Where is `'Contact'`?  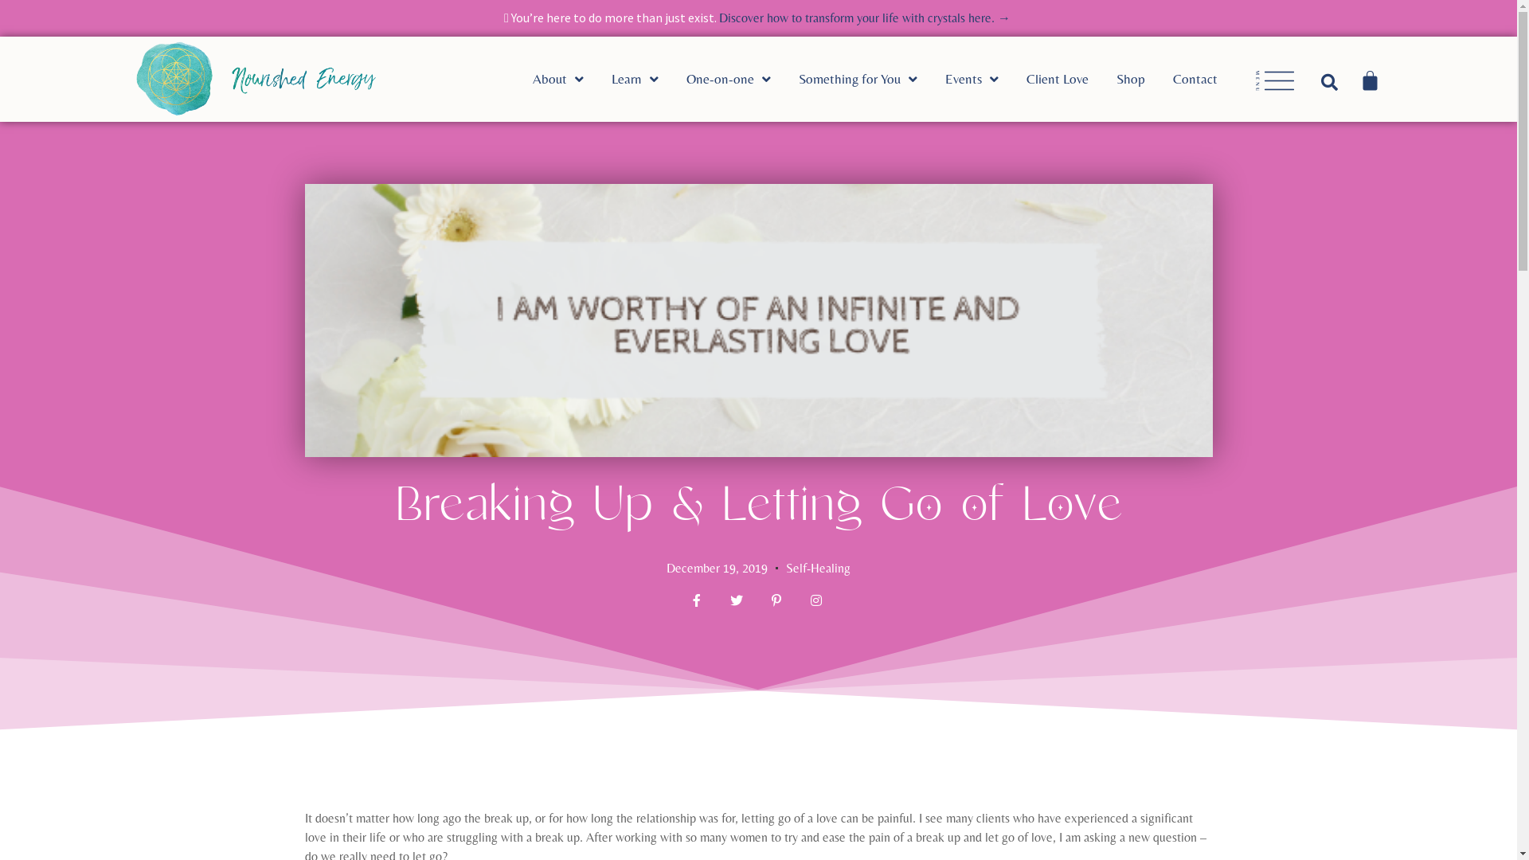 'Contact' is located at coordinates (1209, 80).